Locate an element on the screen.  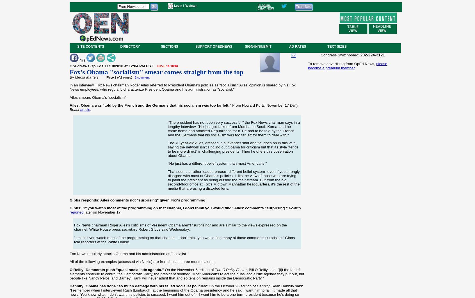
'56 online' is located at coordinates (264, 5).